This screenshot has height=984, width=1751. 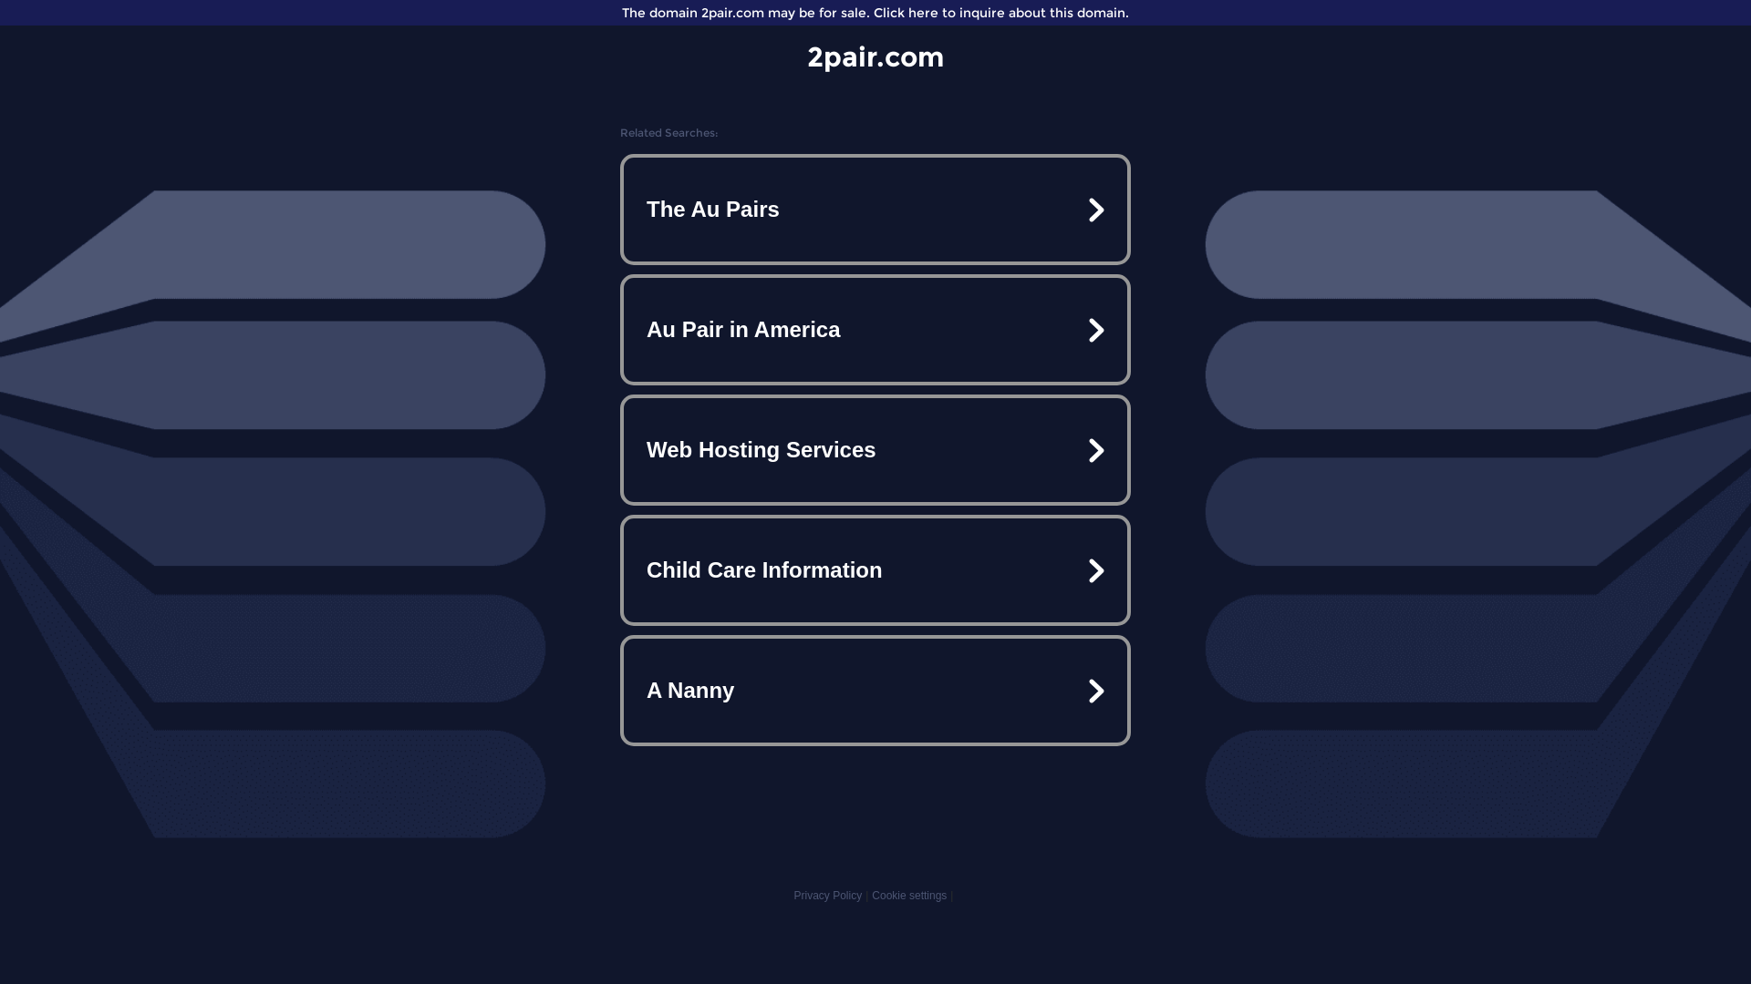 What do you see at coordinates (875, 56) in the screenshot?
I see `'2pair.com'` at bounding box center [875, 56].